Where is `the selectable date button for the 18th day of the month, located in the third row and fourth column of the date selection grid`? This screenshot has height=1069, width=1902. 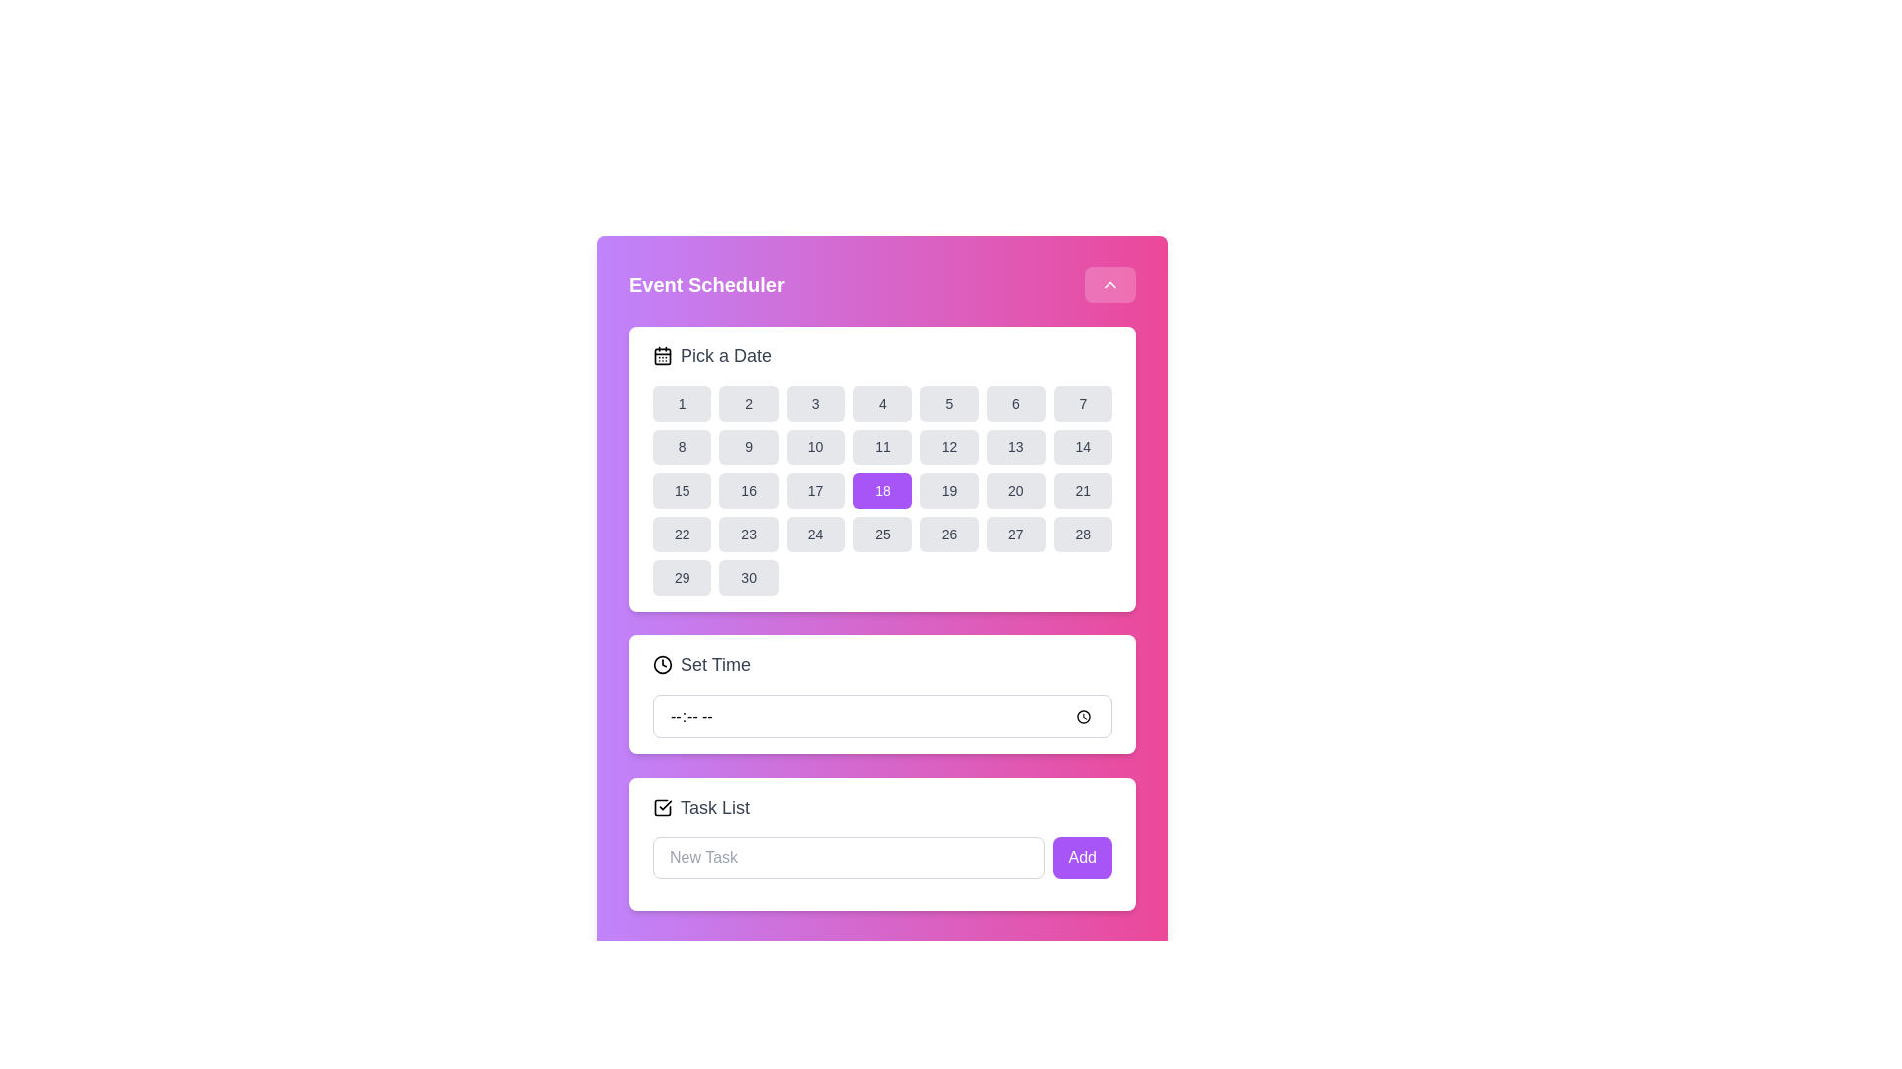 the selectable date button for the 18th day of the month, located in the third row and fourth column of the date selection grid is located at coordinates (882, 490).